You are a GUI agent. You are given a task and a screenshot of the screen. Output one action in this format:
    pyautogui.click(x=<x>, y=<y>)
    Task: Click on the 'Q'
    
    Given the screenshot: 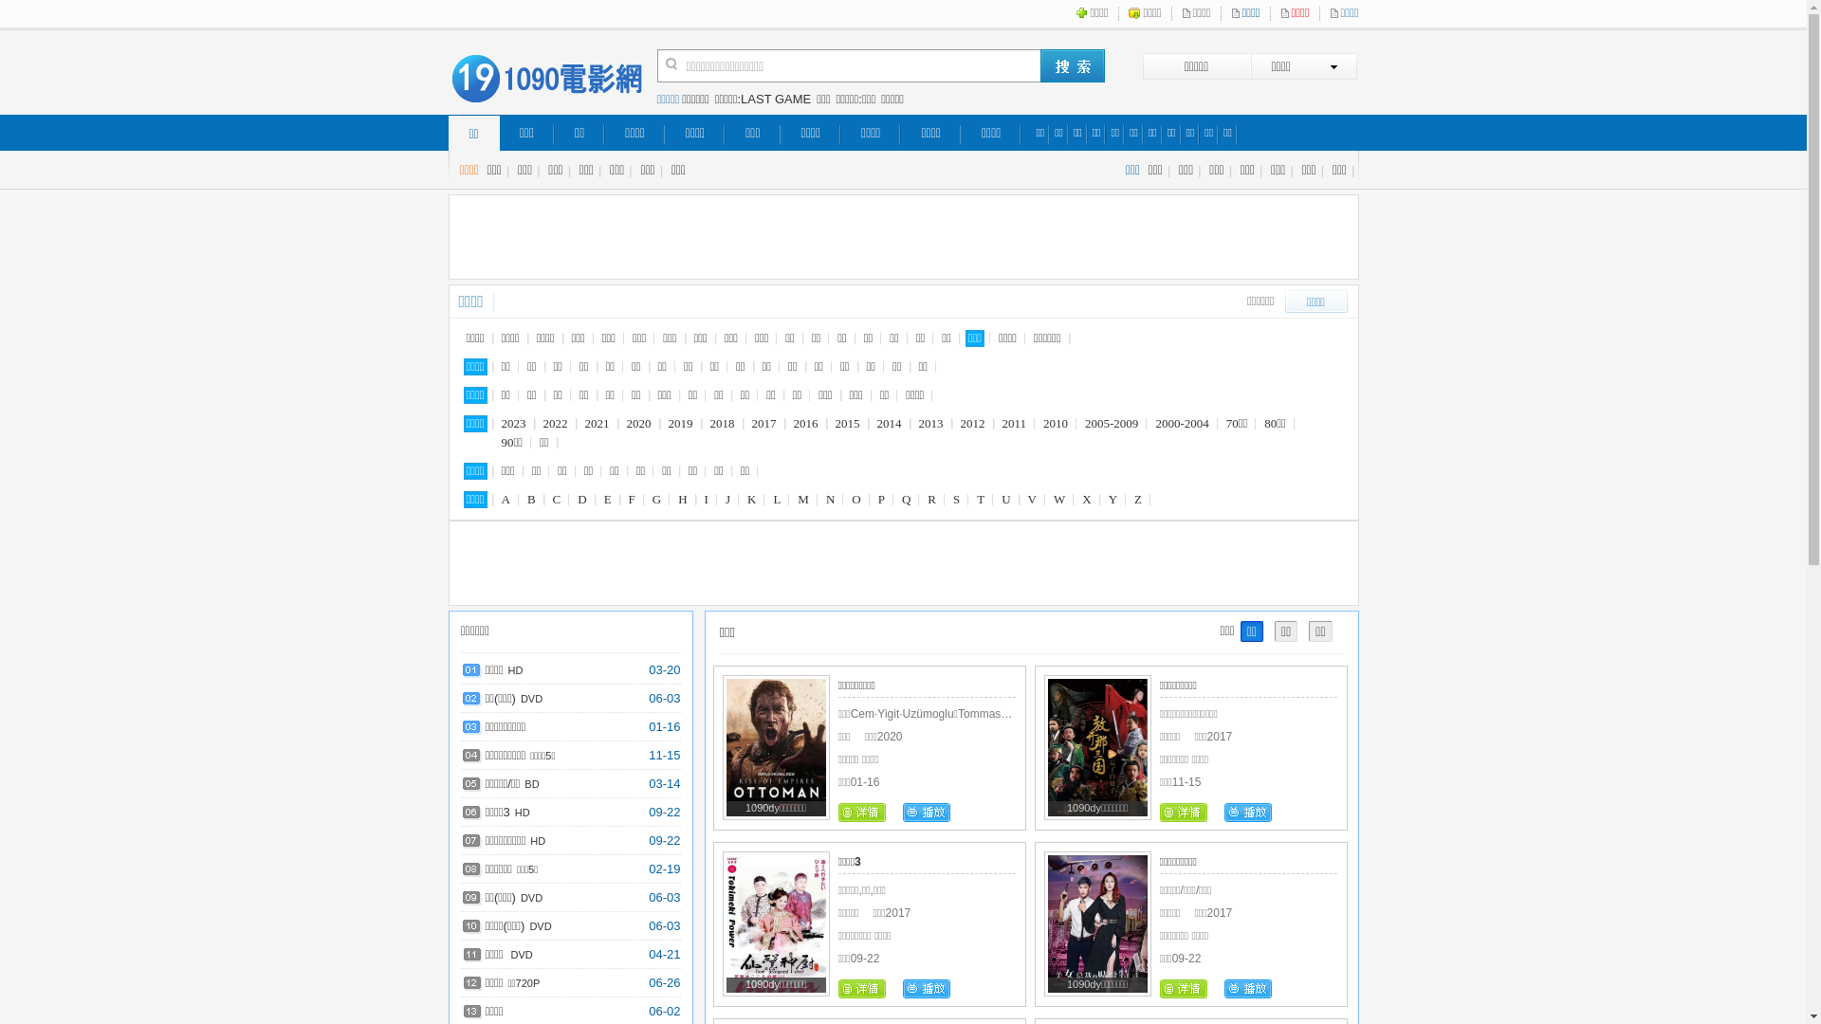 What is the action you would take?
    pyautogui.click(x=898, y=499)
    